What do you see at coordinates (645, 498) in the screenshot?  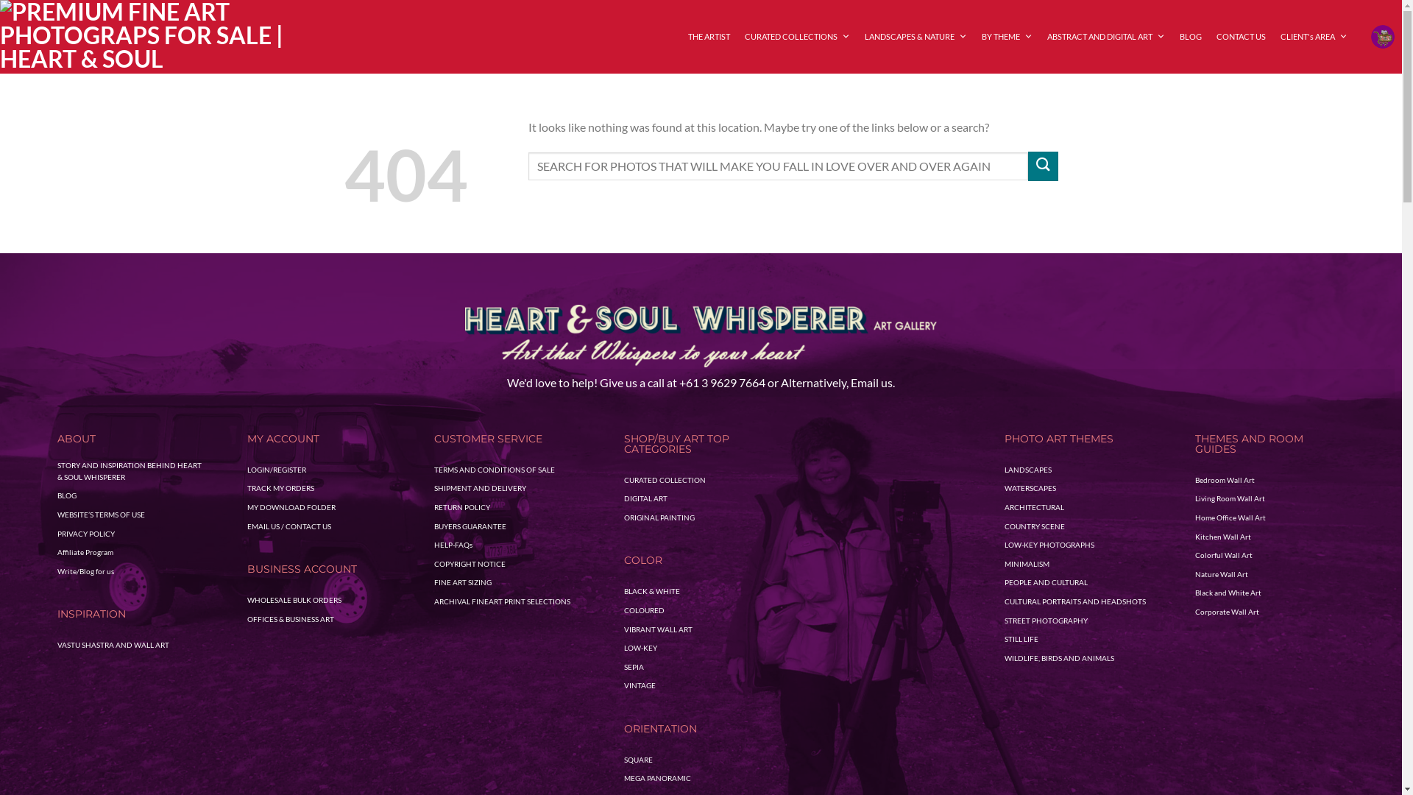 I see `'DIGITAL ART'` at bounding box center [645, 498].